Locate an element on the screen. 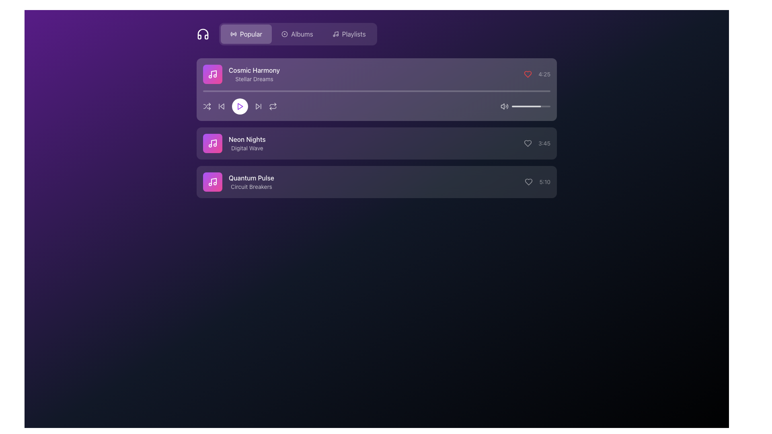 This screenshot has width=772, height=434. the slider is located at coordinates (530, 106).